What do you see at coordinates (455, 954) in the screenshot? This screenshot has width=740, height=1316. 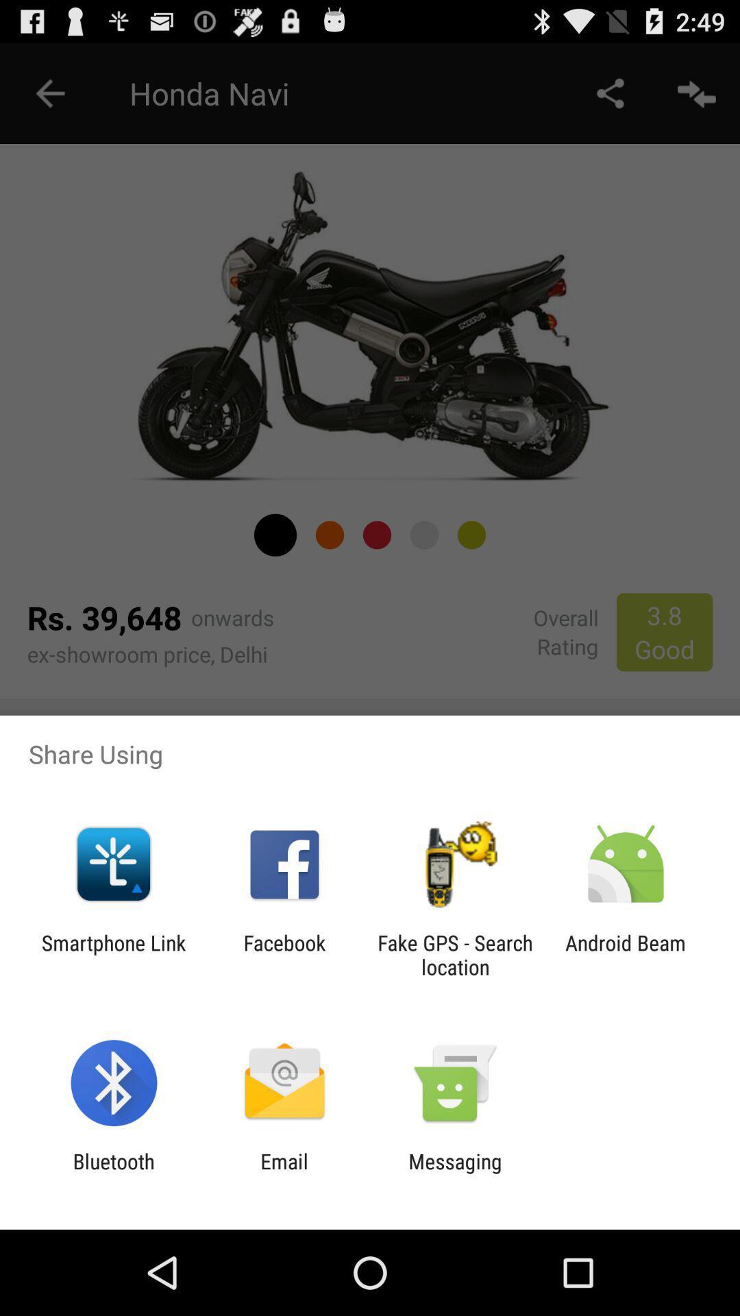 I see `fake gps search icon` at bounding box center [455, 954].